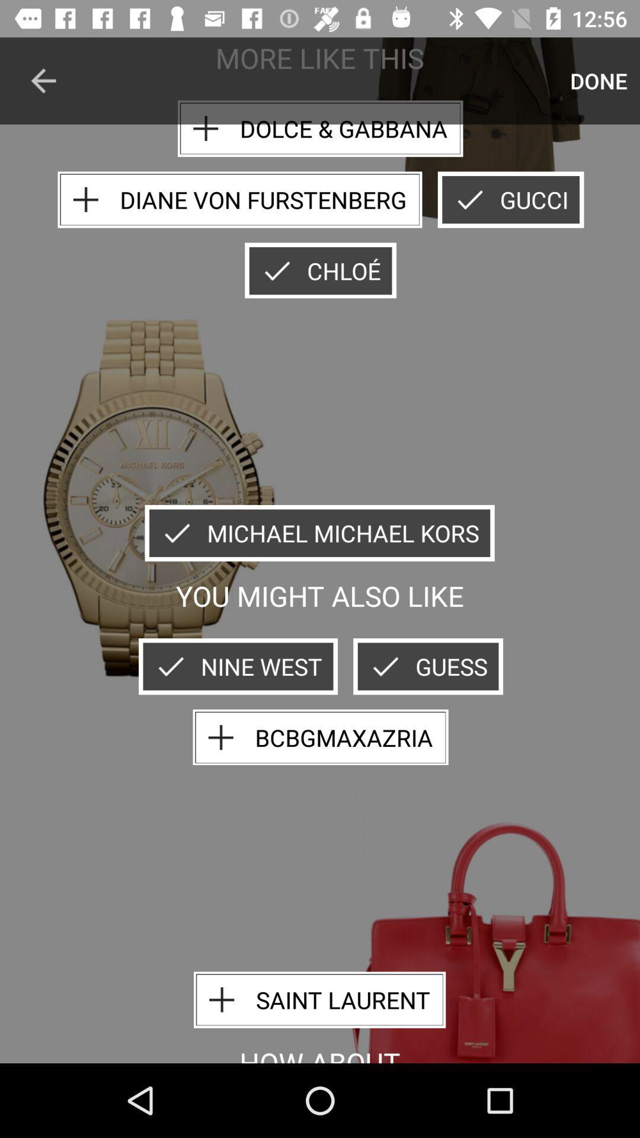 The height and width of the screenshot is (1138, 640). Describe the element at coordinates (238, 666) in the screenshot. I see `item below you might also` at that location.